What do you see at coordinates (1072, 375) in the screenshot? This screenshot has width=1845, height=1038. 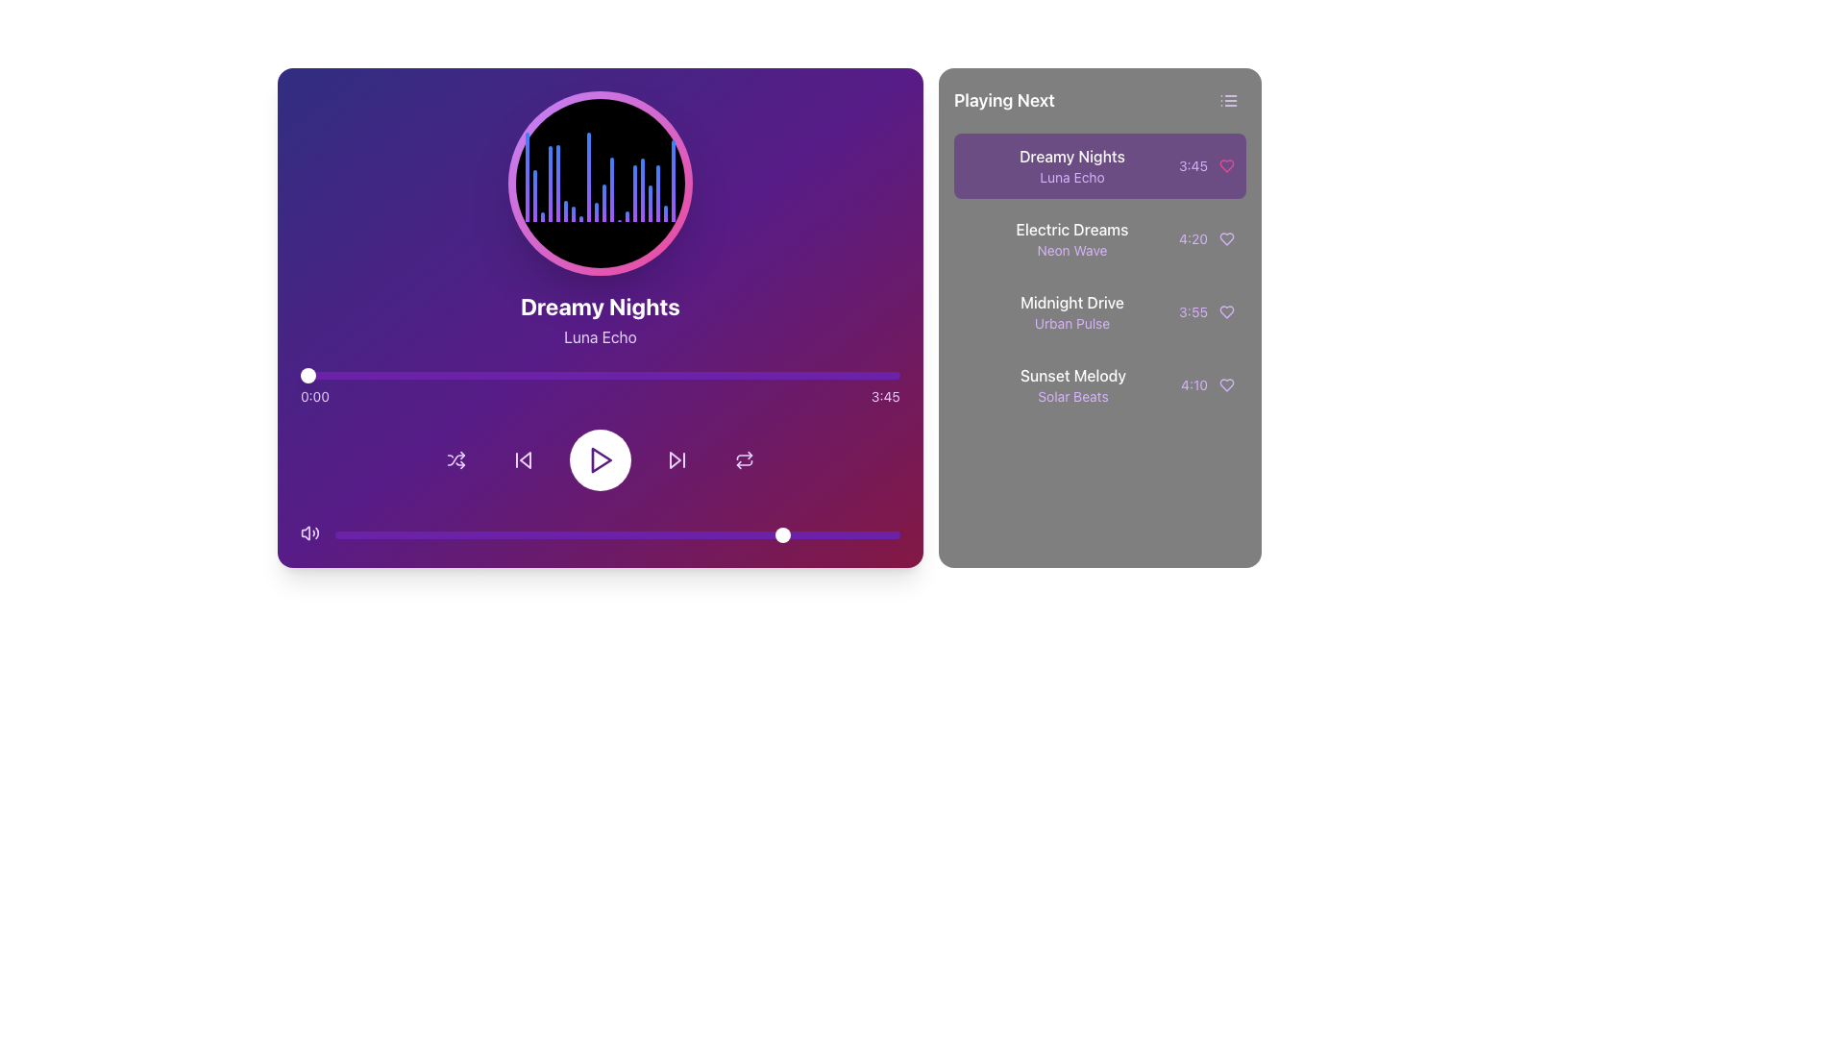 I see `the text label displaying the name of a song in the Playing Next section` at bounding box center [1072, 375].